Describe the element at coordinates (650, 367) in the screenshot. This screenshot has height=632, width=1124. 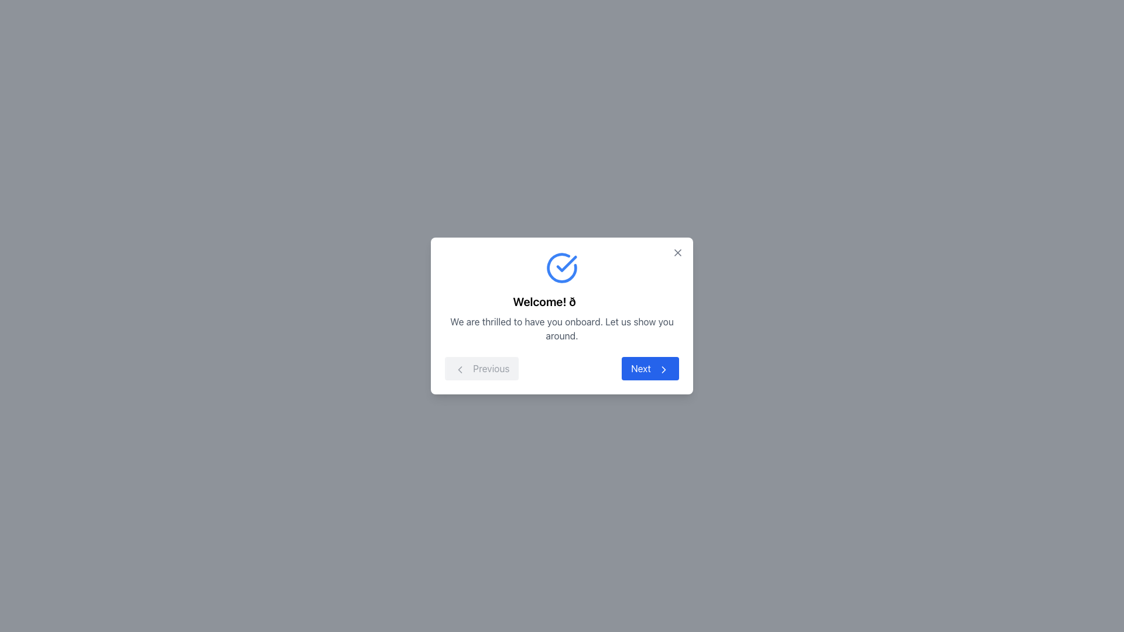
I see `the second button from the right in the horizontal arrangement at the bottom of a centered modal dialog box` at that location.